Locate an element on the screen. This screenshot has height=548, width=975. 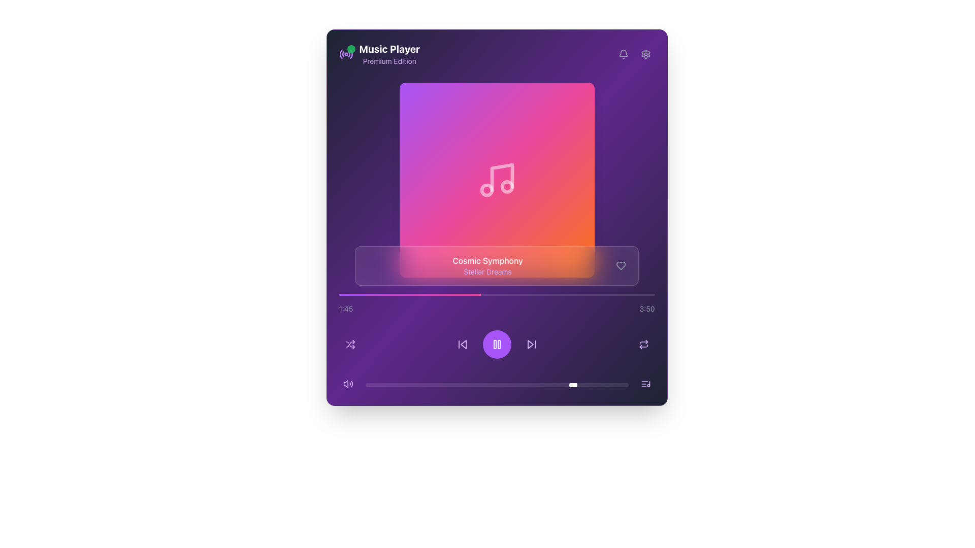
the text label displaying '1:45', which is styled in a small font size with a light gray color, located near the bottom-left corner of the application above the progress bar is located at coordinates (346, 309).